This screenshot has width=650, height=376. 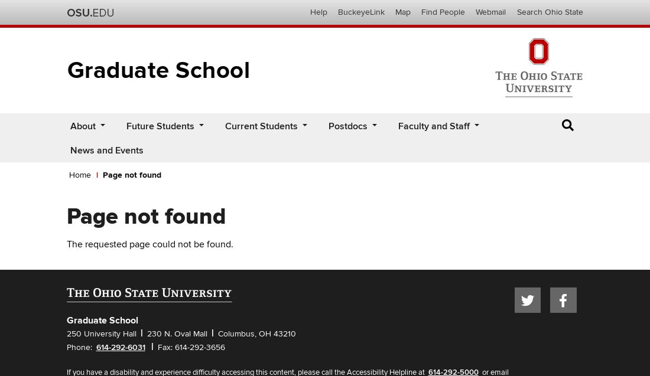 I want to click on 'News and Events', so click(x=105, y=149).